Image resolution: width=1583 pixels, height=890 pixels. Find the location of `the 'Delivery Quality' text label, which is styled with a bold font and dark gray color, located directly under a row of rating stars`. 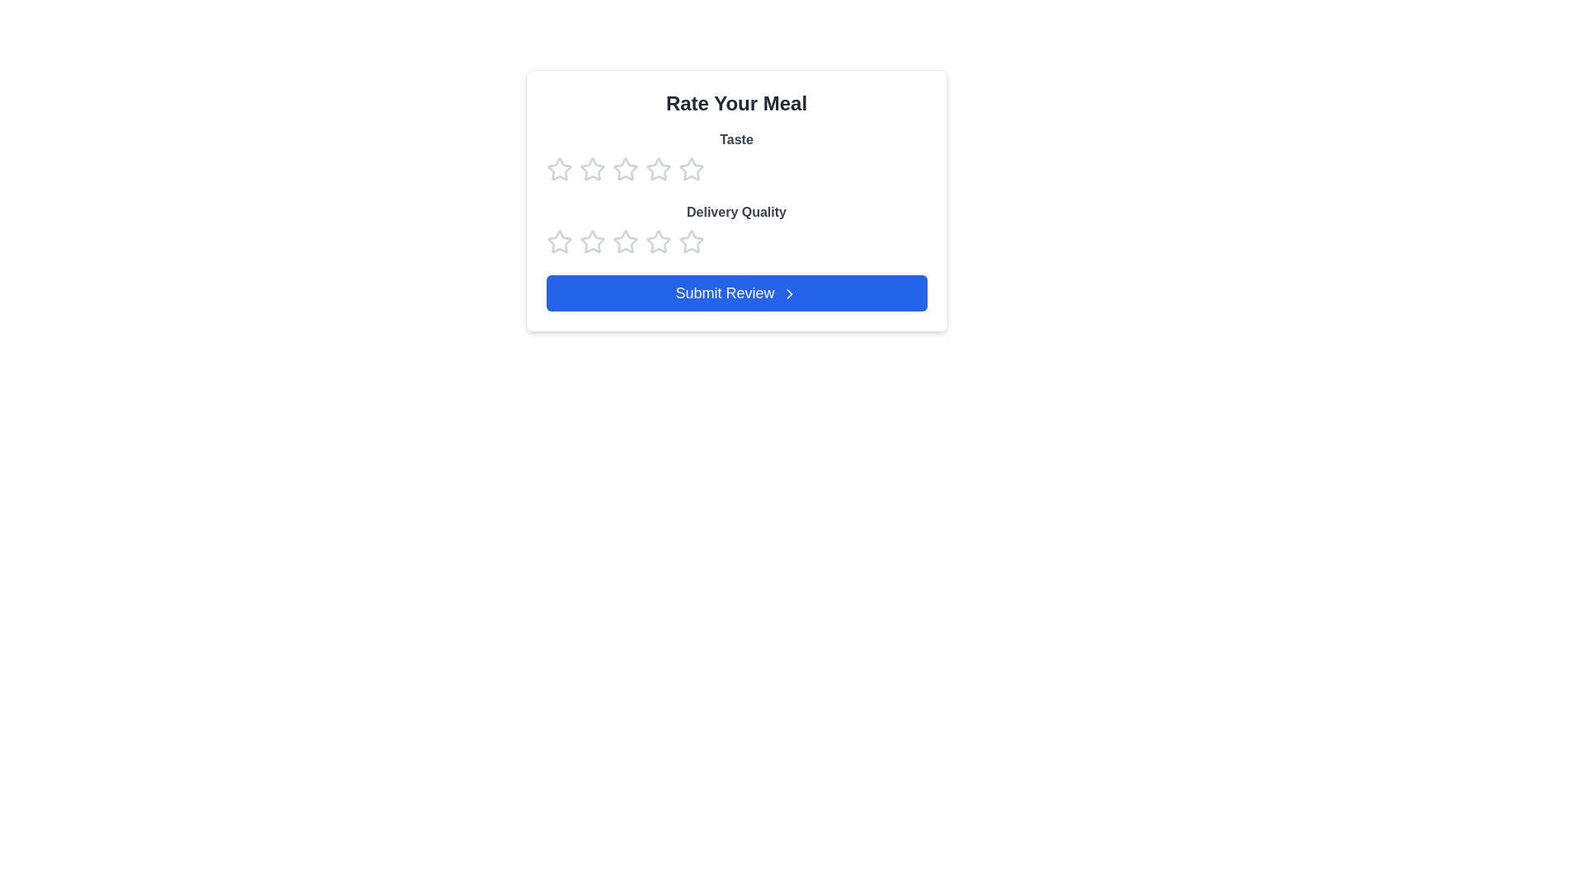

the 'Delivery Quality' text label, which is styled with a bold font and dark gray color, located directly under a row of rating stars is located at coordinates (735, 212).